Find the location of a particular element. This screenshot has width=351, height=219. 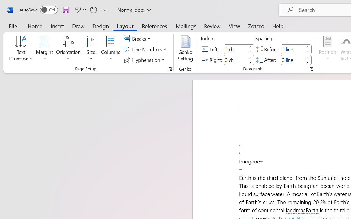

'Hyphenation' is located at coordinates (145, 60).